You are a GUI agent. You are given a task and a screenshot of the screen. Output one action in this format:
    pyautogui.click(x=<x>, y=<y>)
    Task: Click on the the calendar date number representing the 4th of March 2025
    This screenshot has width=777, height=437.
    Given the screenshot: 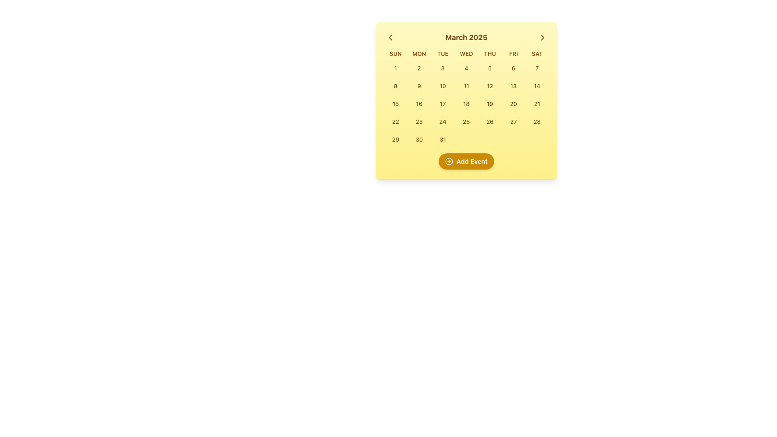 What is the action you would take?
    pyautogui.click(x=466, y=68)
    